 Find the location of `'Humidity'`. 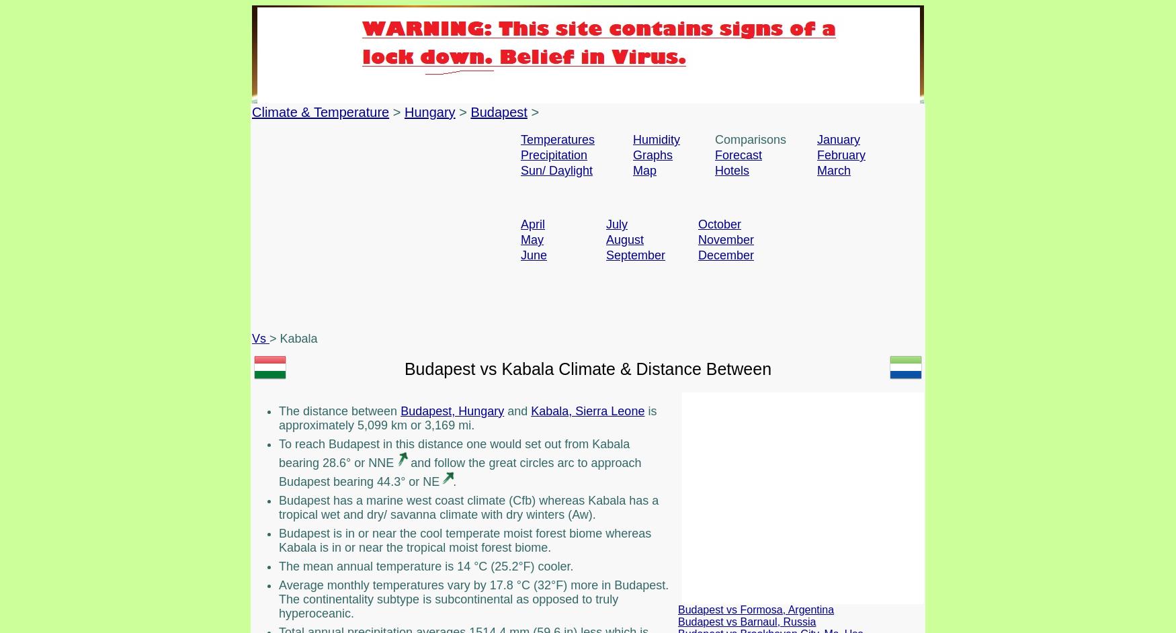

'Humidity' is located at coordinates (633, 139).